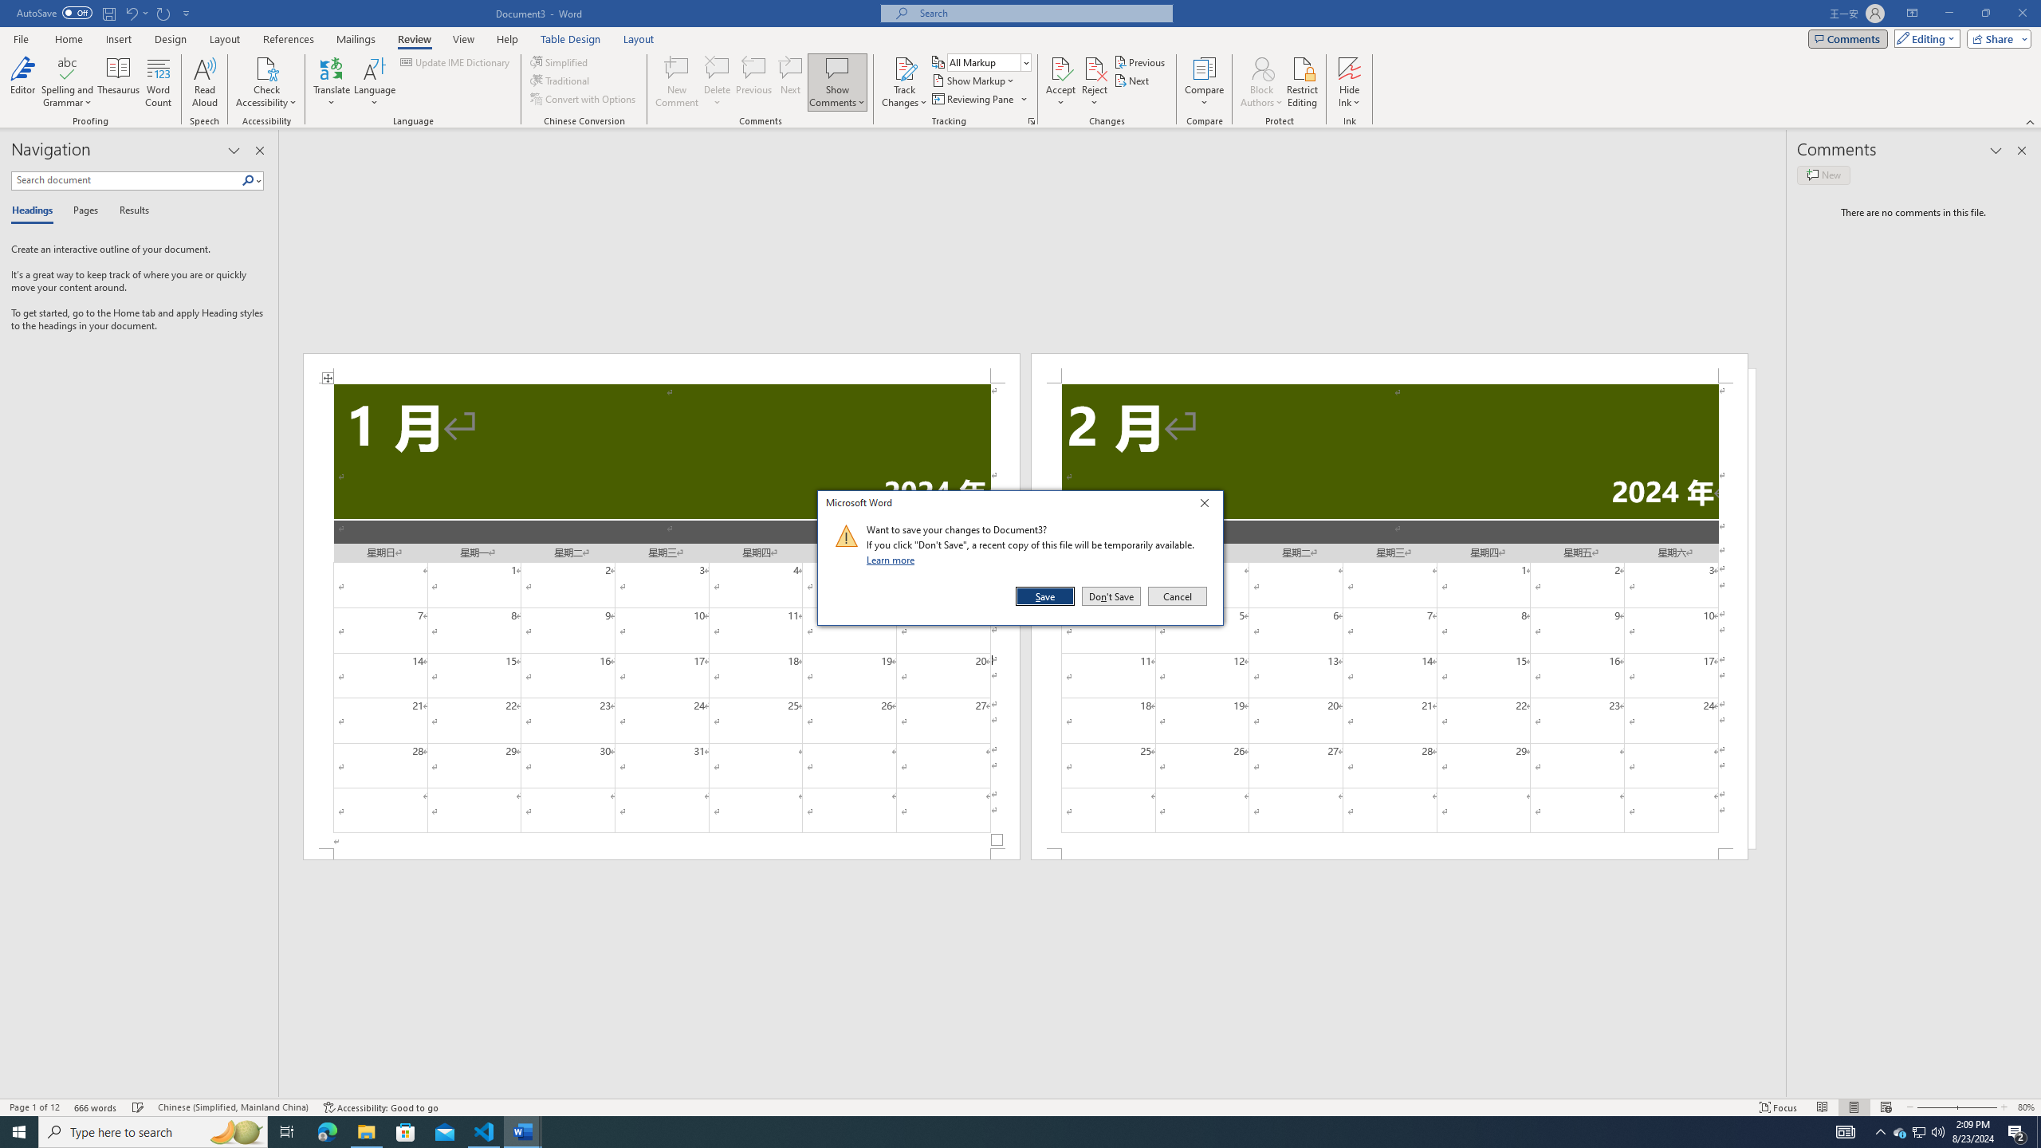  I want to click on 'Reviewing Pane', so click(978, 97).